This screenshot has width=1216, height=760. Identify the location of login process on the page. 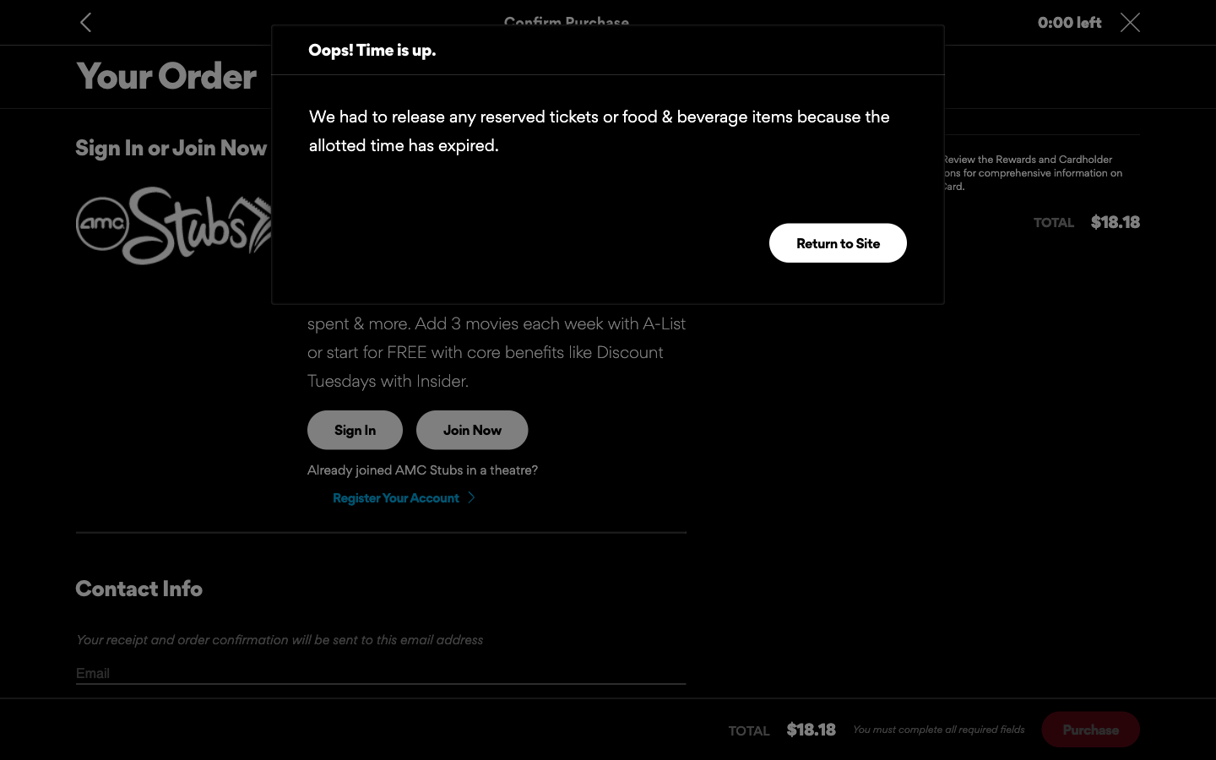
(354, 429).